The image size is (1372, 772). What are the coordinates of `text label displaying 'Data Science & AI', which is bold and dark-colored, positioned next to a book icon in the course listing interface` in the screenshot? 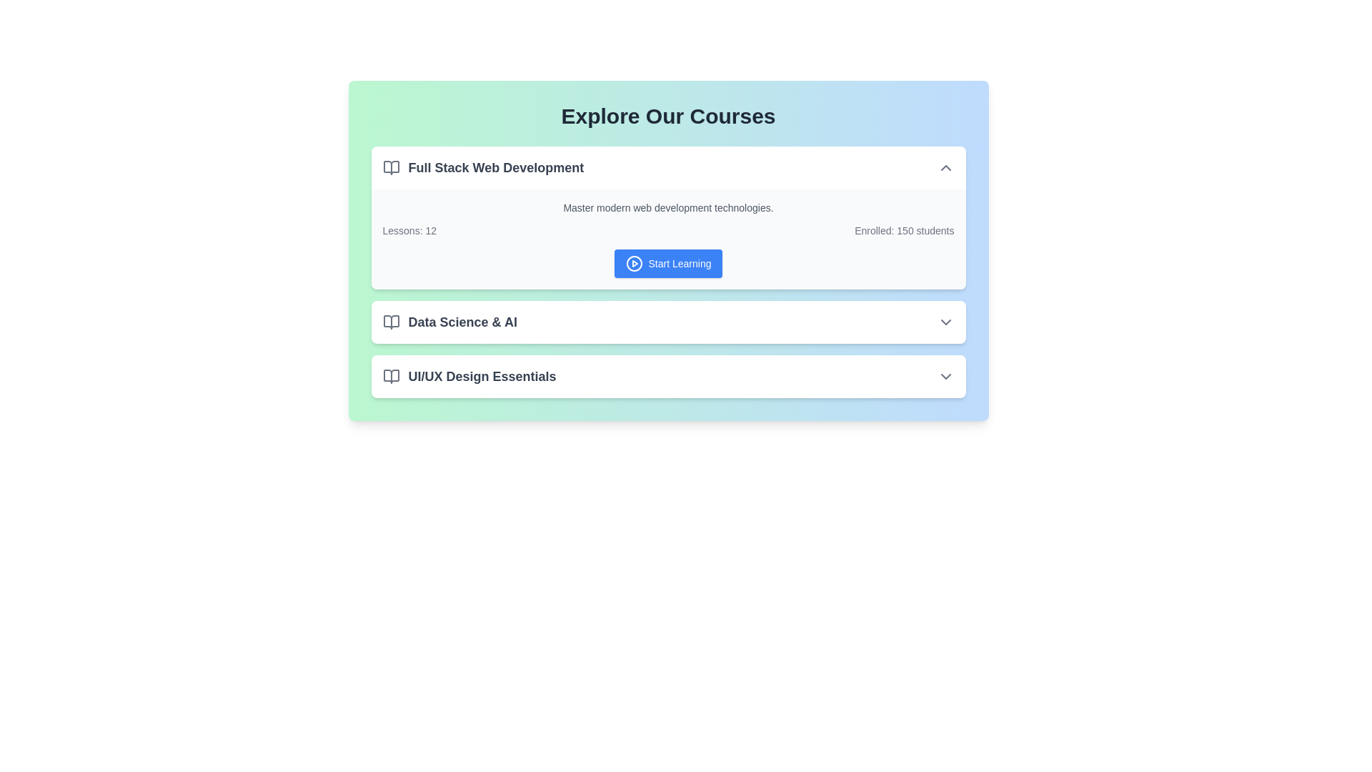 It's located at (462, 322).